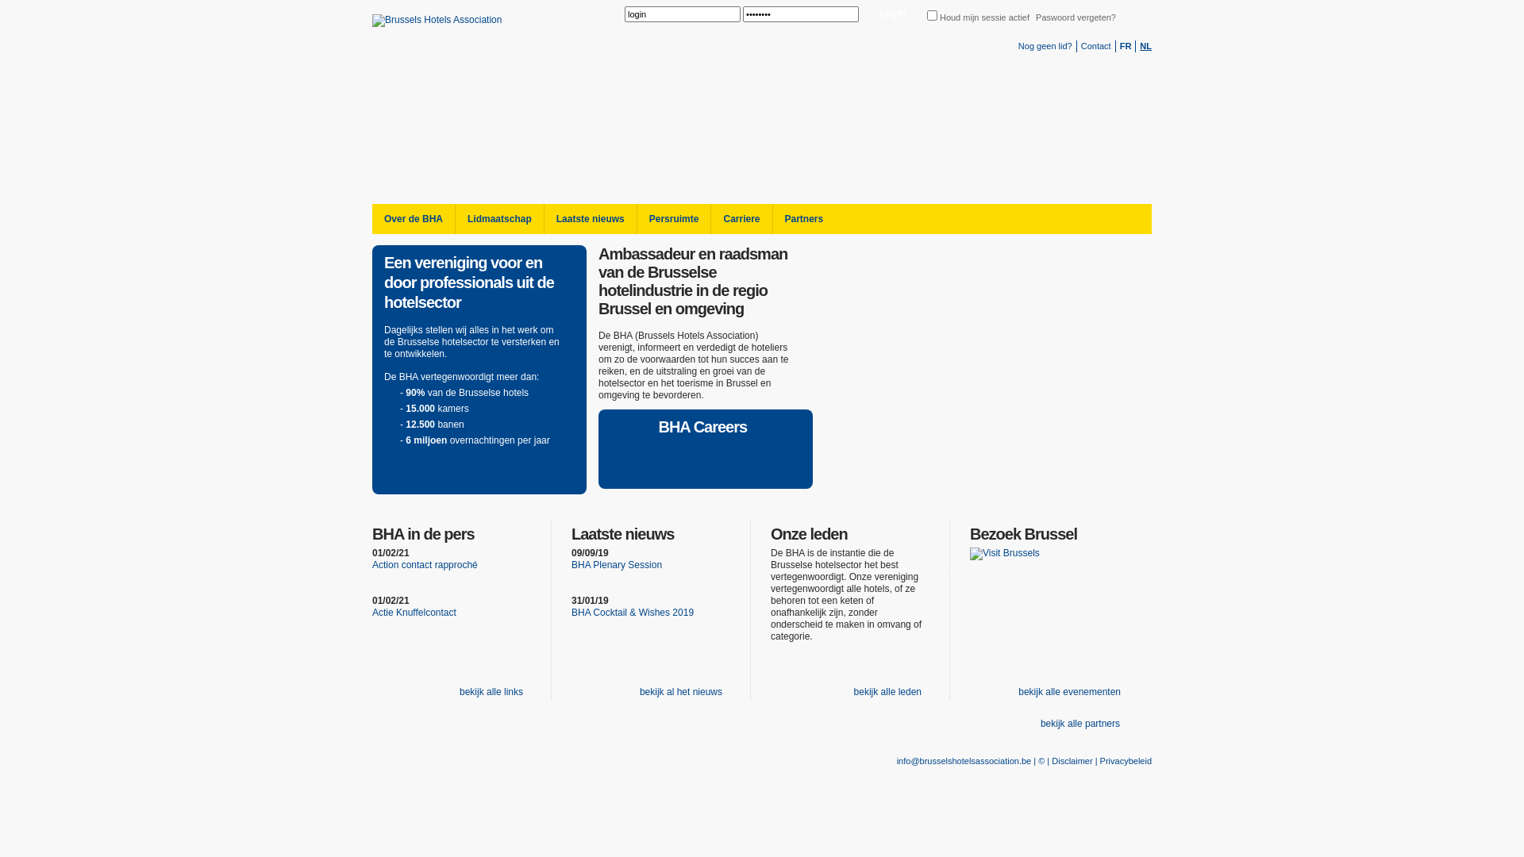  What do you see at coordinates (1078, 724) in the screenshot?
I see `'bekijk alle partners'` at bounding box center [1078, 724].